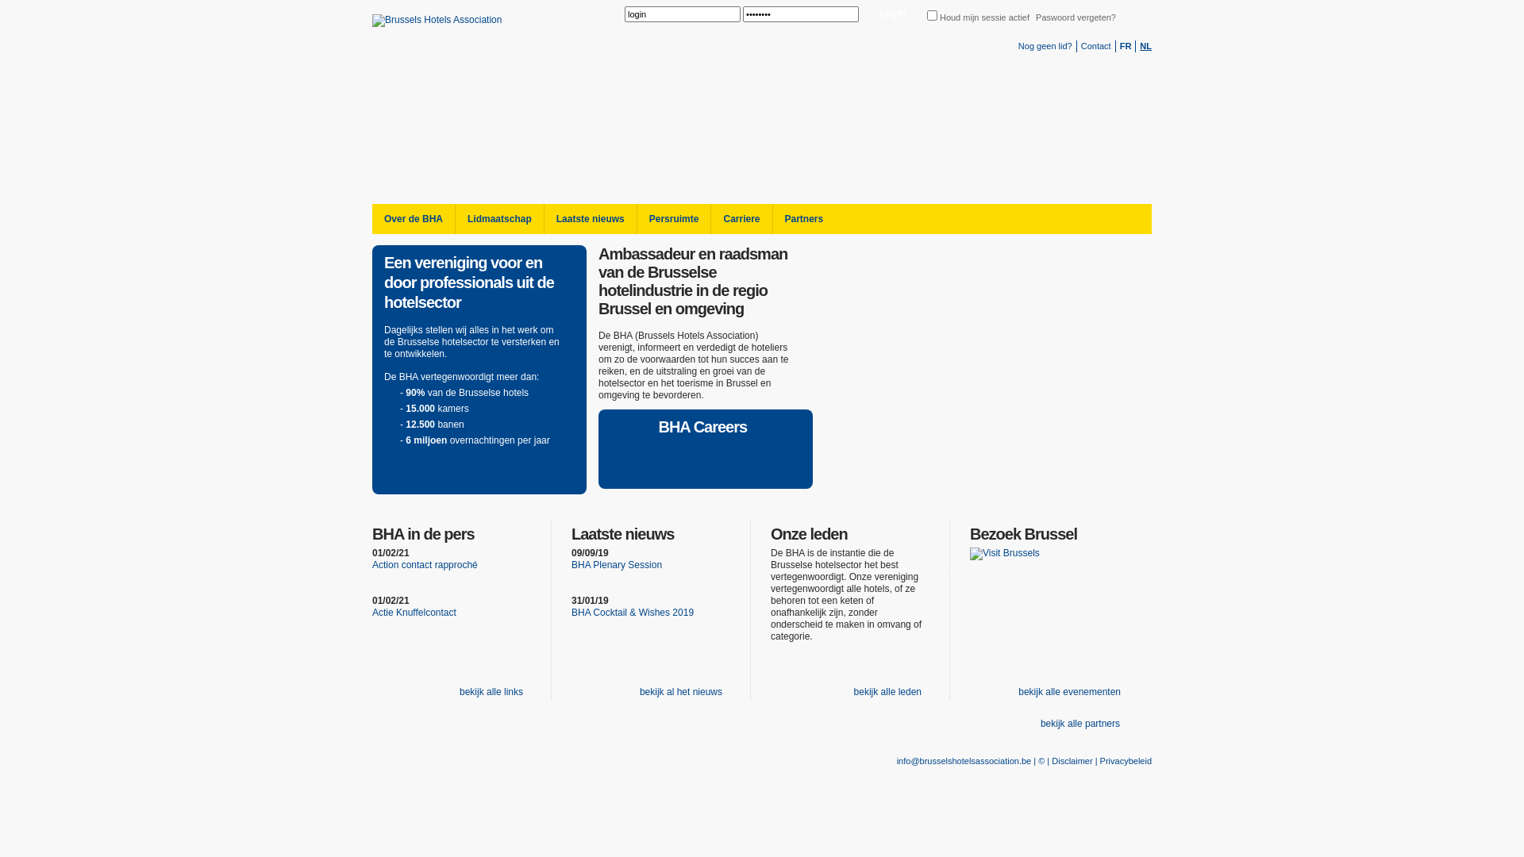  What do you see at coordinates (1078, 724) in the screenshot?
I see `'bekijk alle partners'` at bounding box center [1078, 724].